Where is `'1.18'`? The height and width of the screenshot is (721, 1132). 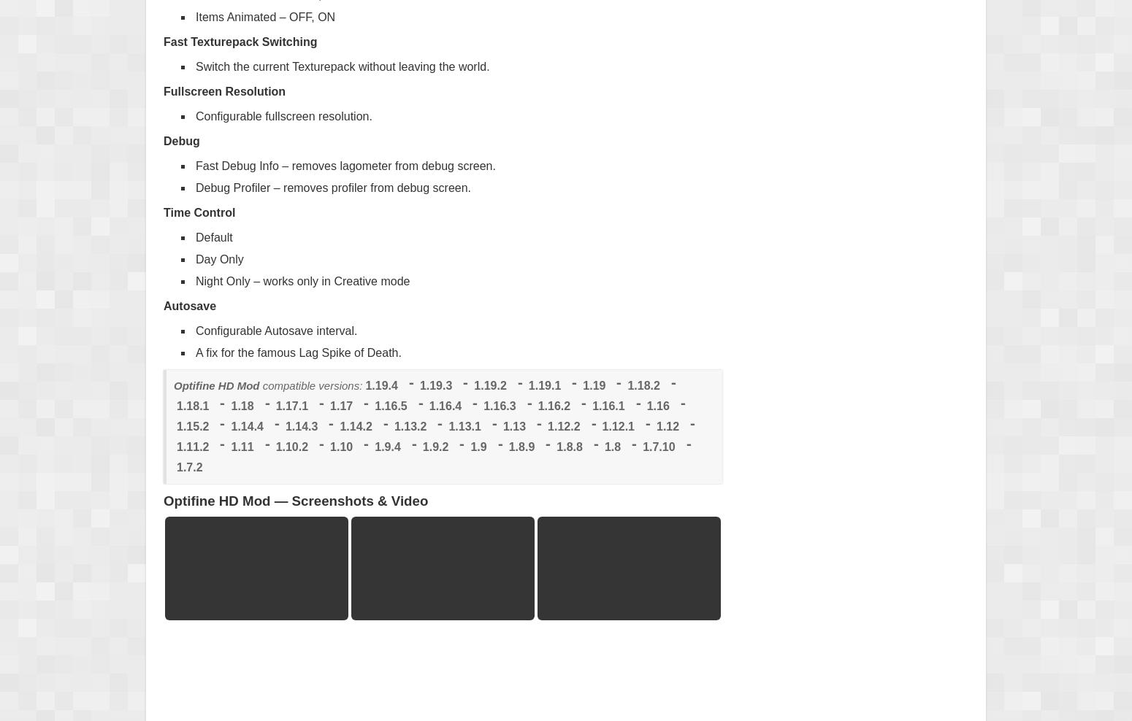 '1.18' is located at coordinates (230, 404).